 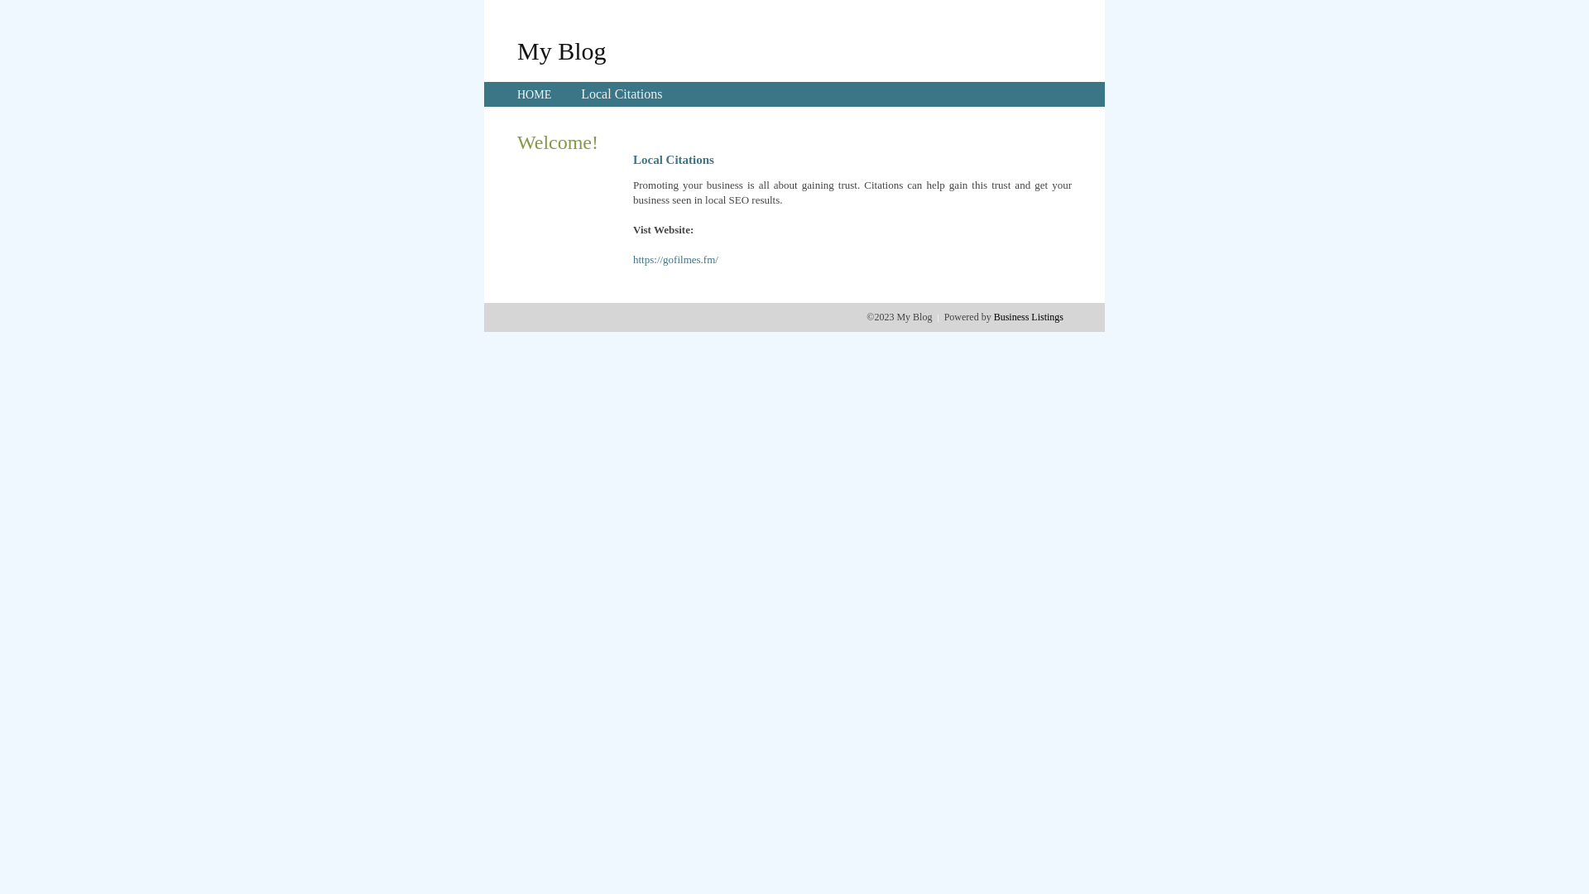 I want to click on 'Local Citations', so click(x=580, y=94).